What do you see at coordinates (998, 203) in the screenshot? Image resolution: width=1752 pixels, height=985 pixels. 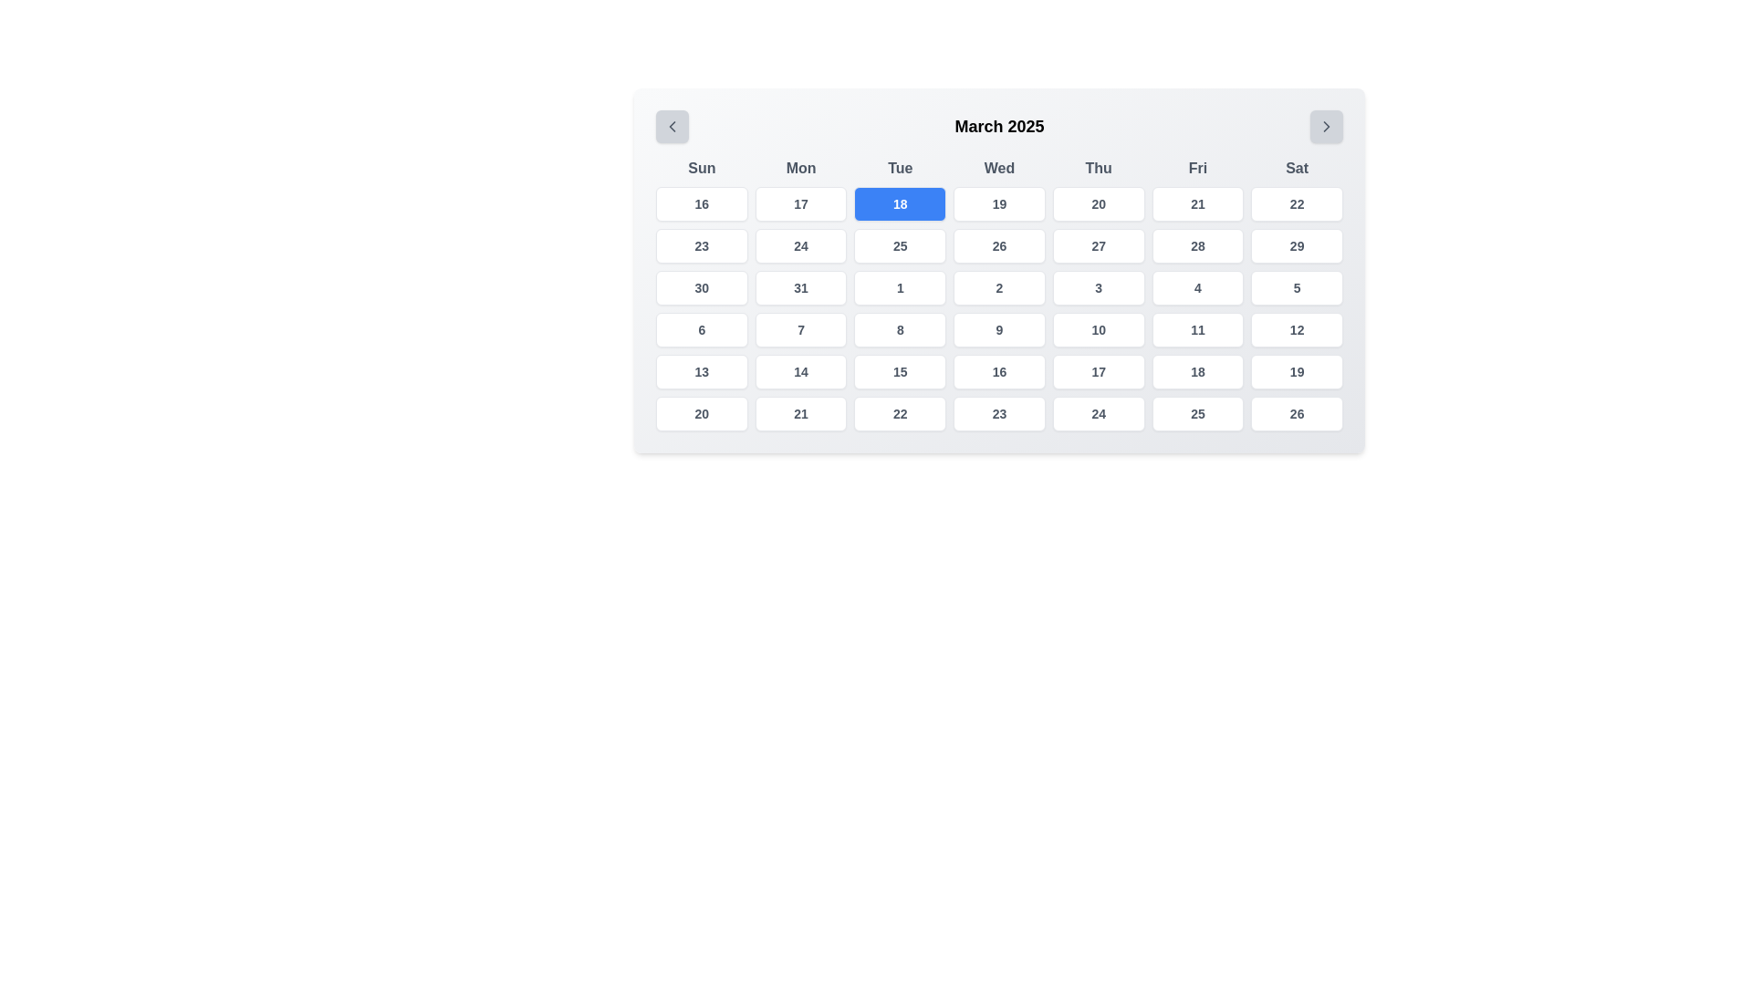 I see `the rectangular button displaying the number '19' with a white background and rounded corners, located under the 'Wed' column in the first row of dates` at bounding box center [998, 203].